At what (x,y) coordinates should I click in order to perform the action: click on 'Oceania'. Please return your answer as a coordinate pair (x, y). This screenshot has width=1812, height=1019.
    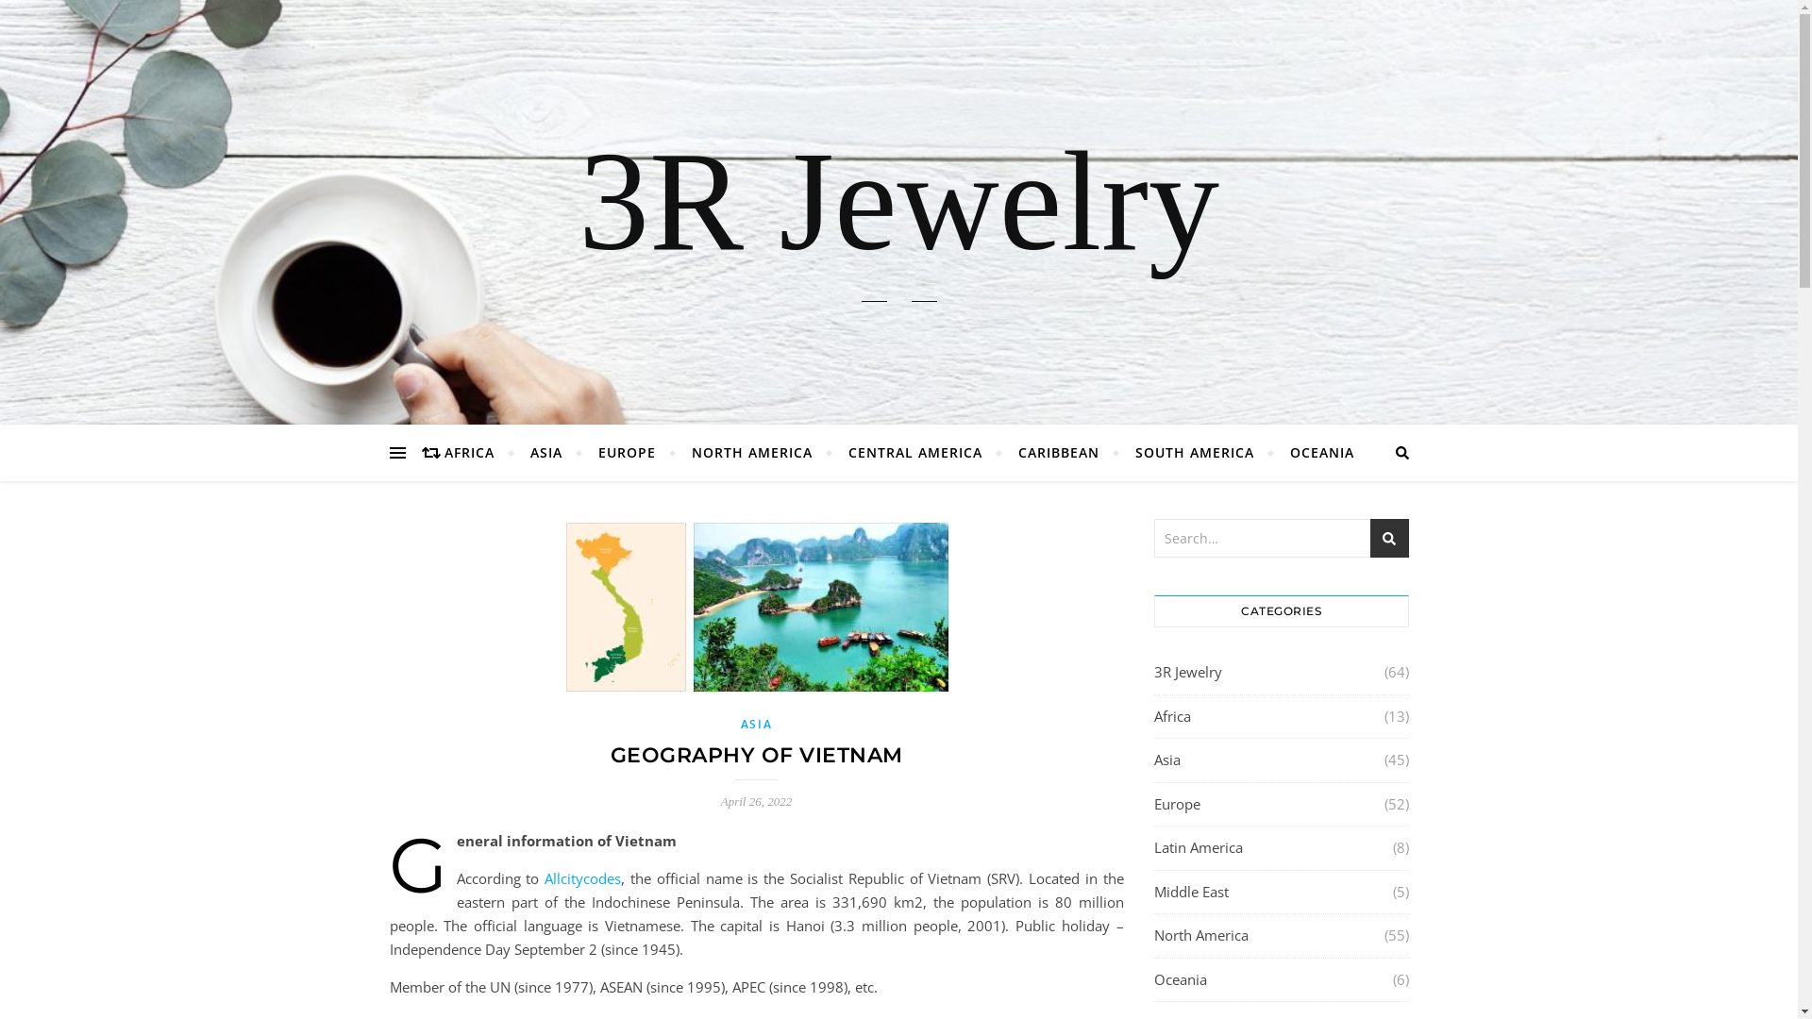
    Looking at the image, I should click on (1178, 977).